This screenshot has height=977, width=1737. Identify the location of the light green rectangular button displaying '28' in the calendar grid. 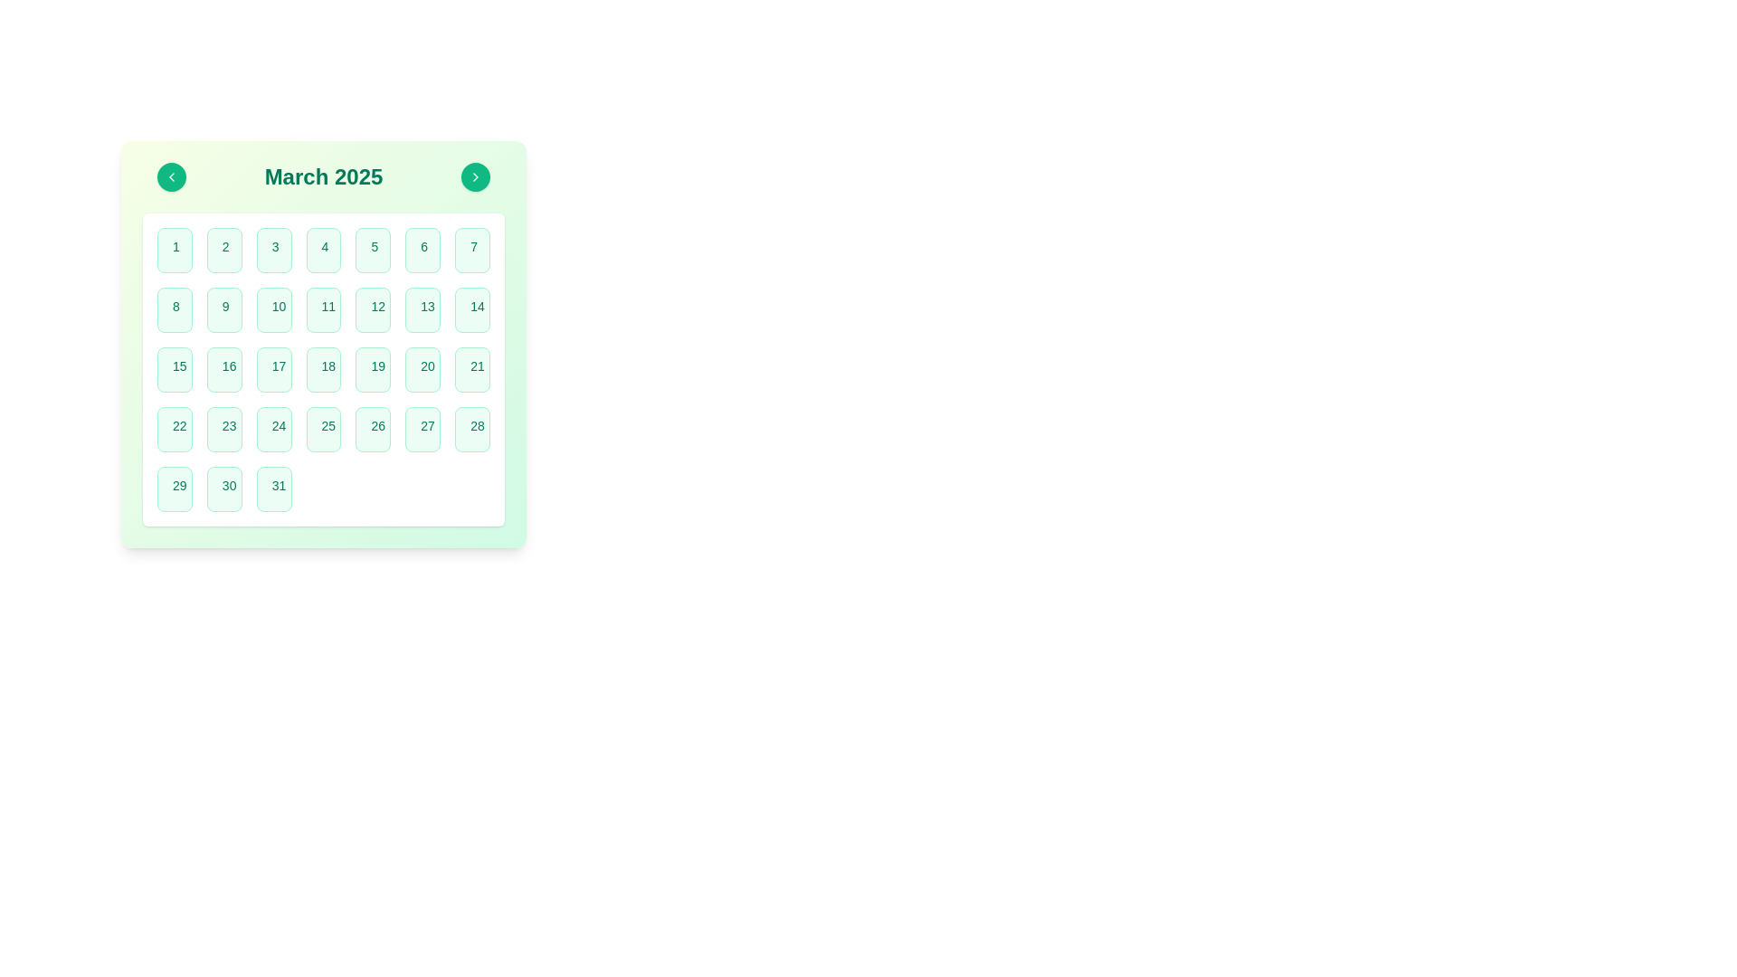
(472, 429).